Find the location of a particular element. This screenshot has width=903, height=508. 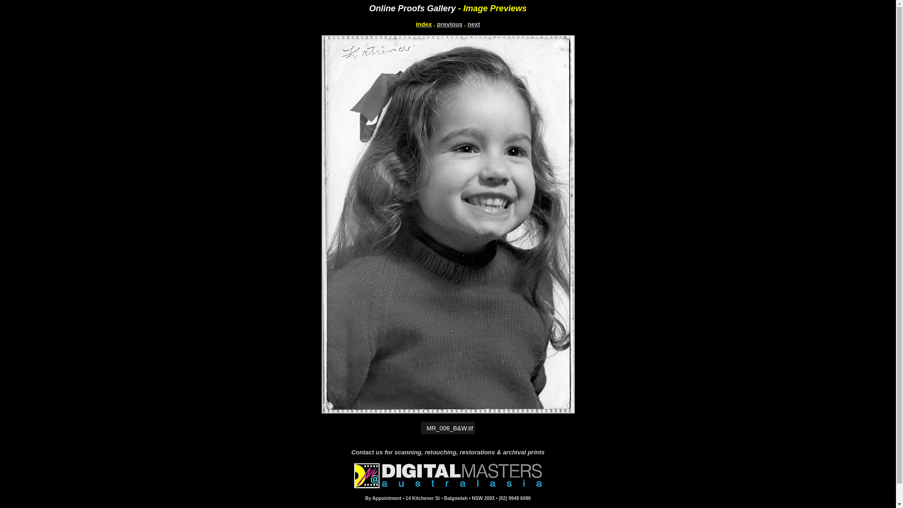

'index' is located at coordinates (423, 24).